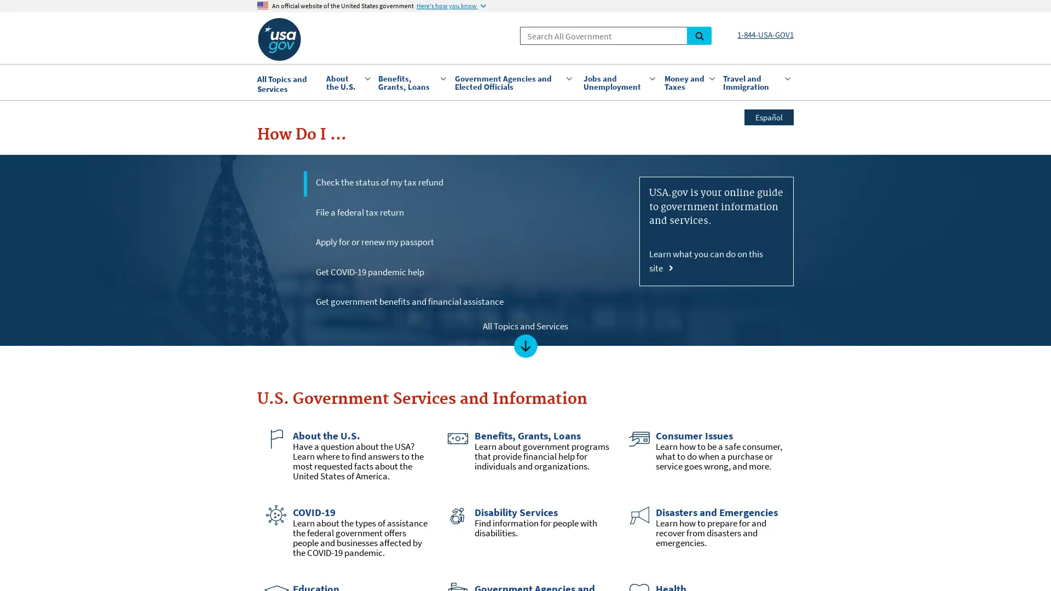  What do you see at coordinates (346, 82) in the screenshot?
I see `About the U.S.` at bounding box center [346, 82].